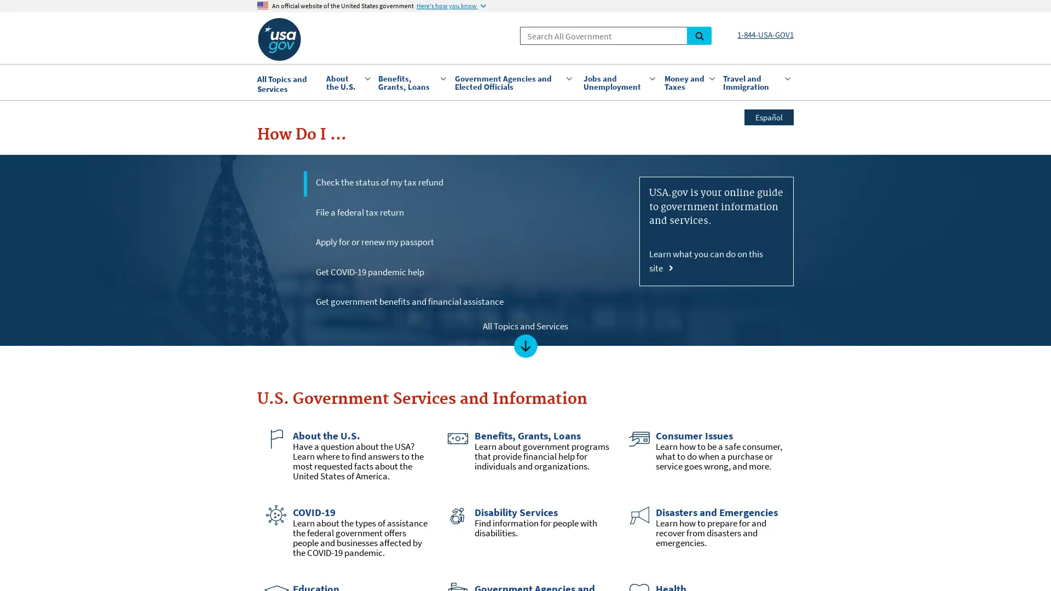  What do you see at coordinates (346, 82) in the screenshot?
I see `About the U.S.` at bounding box center [346, 82].